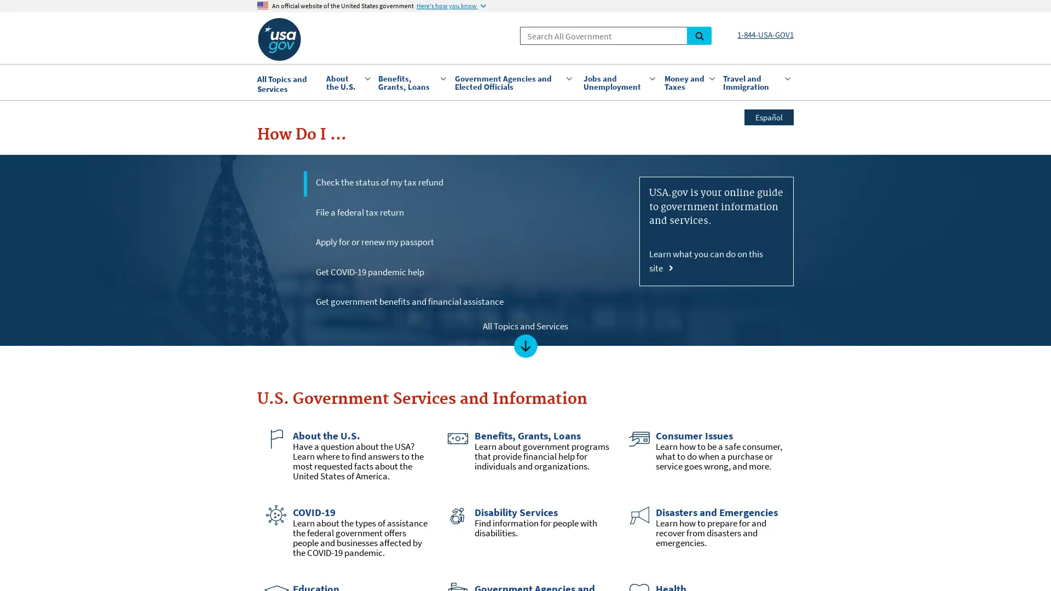  What do you see at coordinates (346, 82) in the screenshot?
I see `About the U.S.` at bounding box center [346, 82].